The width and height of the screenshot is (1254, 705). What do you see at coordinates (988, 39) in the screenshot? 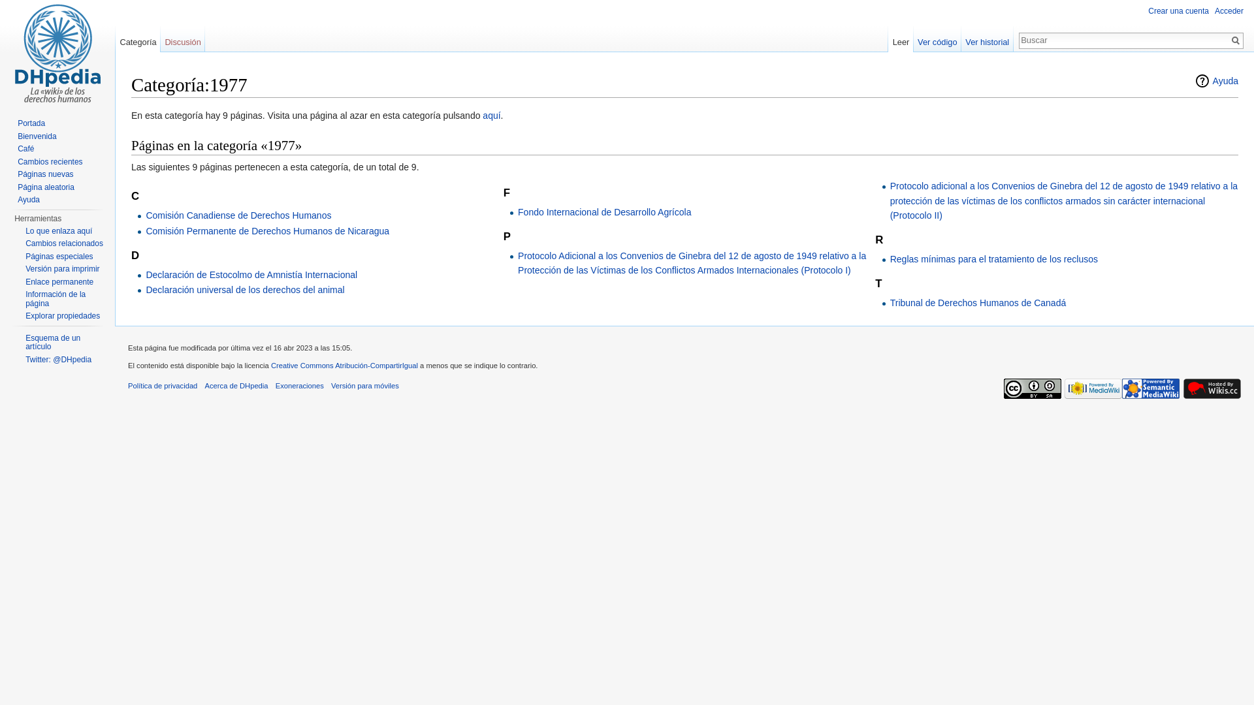
I see `'Ver historial'` at bounding box center [988, 39].